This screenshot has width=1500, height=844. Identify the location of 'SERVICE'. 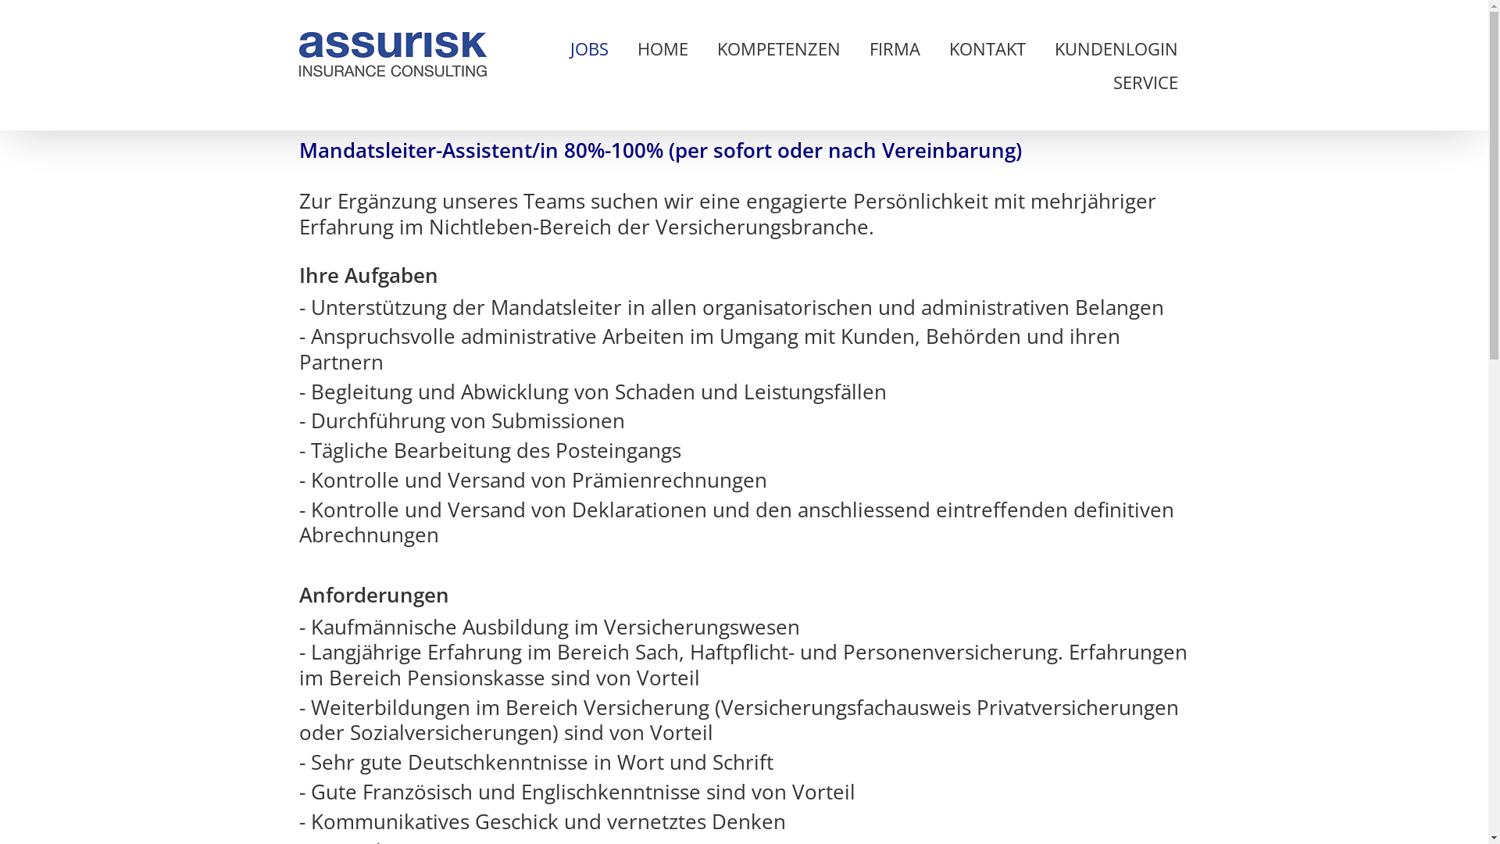
(1145, 82).